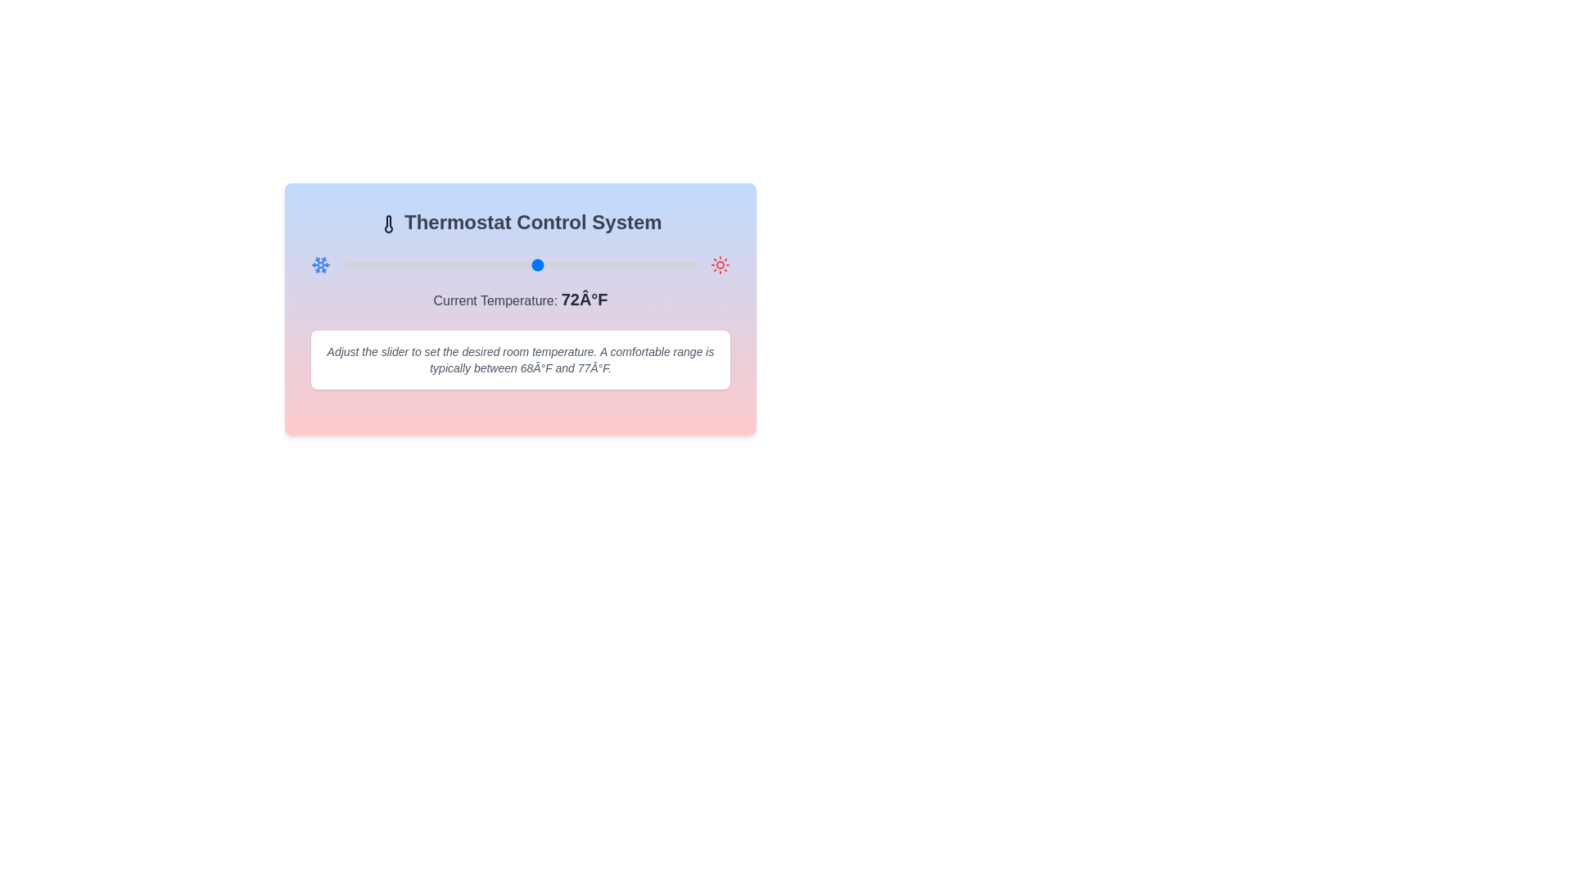  What do you see at coordinates (484, 264) in the screenshot?
I see `the temperature slider to set the temperature to 66°F` at bounding box center [484, 264].